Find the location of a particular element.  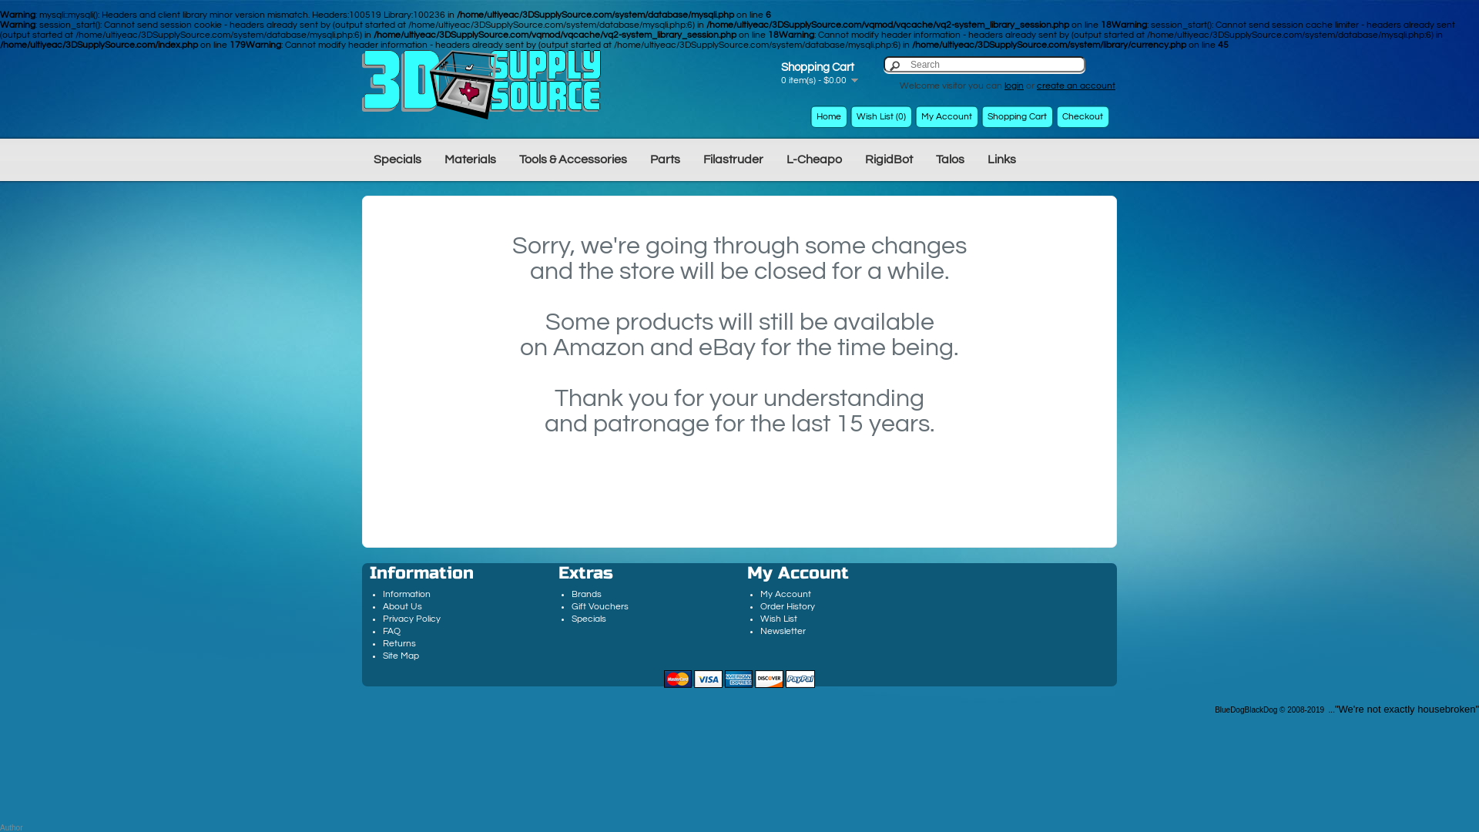

'Specials' is located at coordinates (397, 158).